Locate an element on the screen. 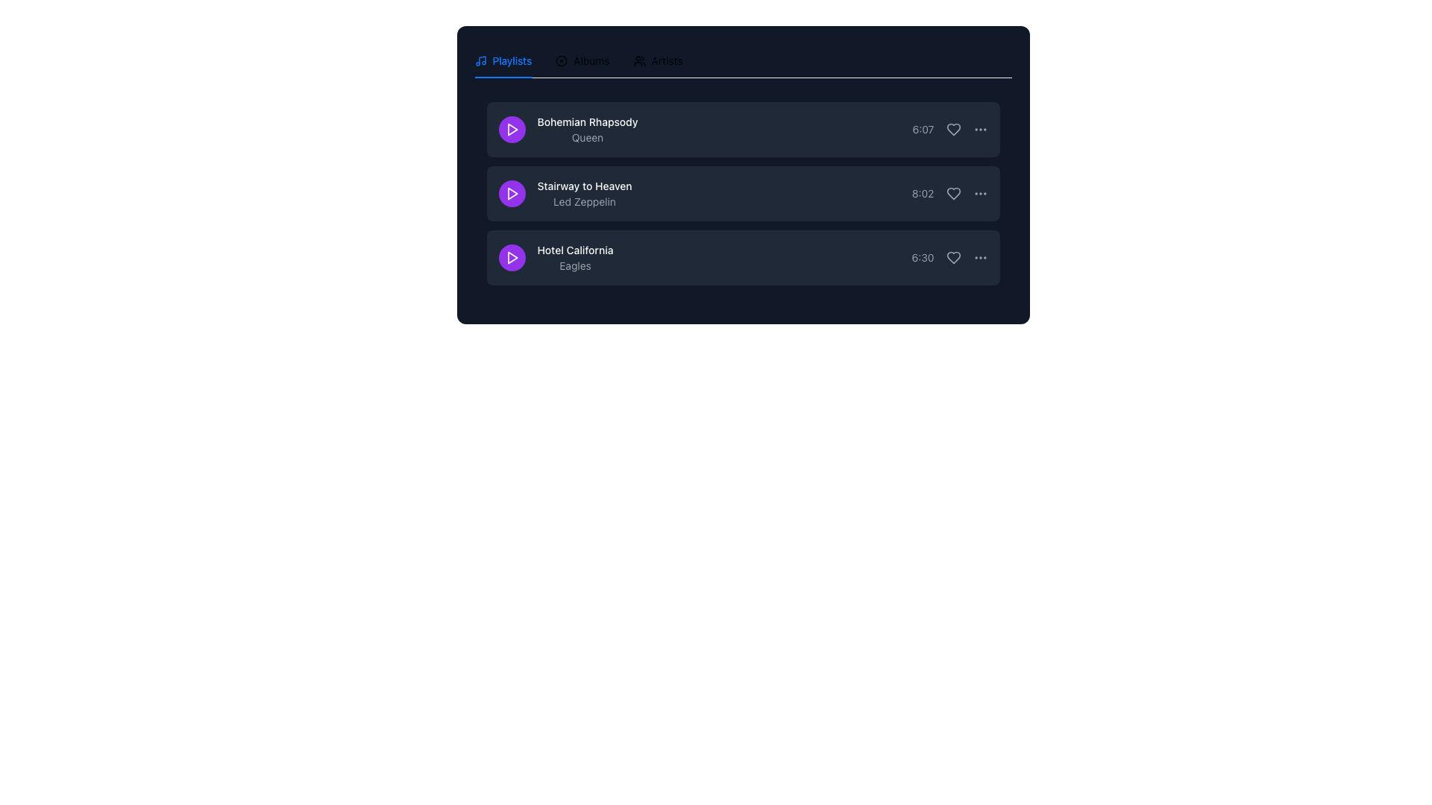 Image resolution: width=1432 pixels, height=805 pixels. the favorite toggle icon located to the right of the '6:07' timestamp for the song 'Bohemian Rhapsody' is located at coordinates (952, 128).